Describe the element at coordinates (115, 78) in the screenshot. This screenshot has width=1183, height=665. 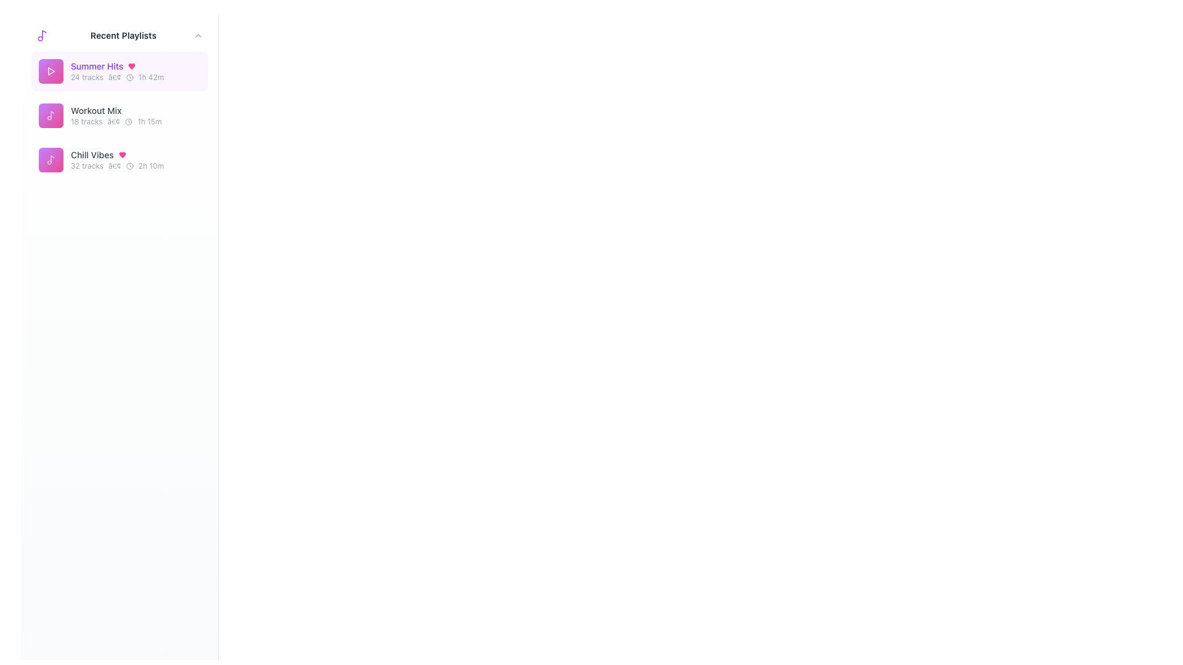
I see `the interpunct symbol ('•') located between '24 tracks' and the graphical clock icon in the 'Summer Hits' playlist of the 'Recent Playlists' section` at that location.